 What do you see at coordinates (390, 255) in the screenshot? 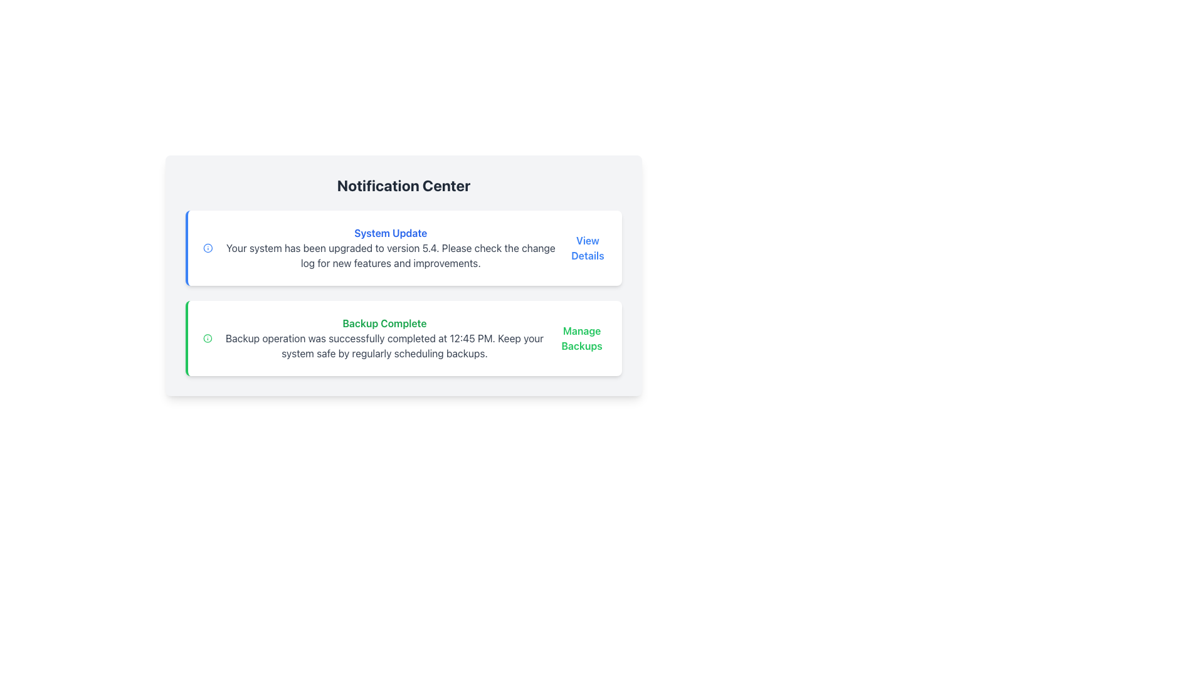
I see `the system update notification text that informs the user to examine the change log for further details` at bounding box center [390, 255].